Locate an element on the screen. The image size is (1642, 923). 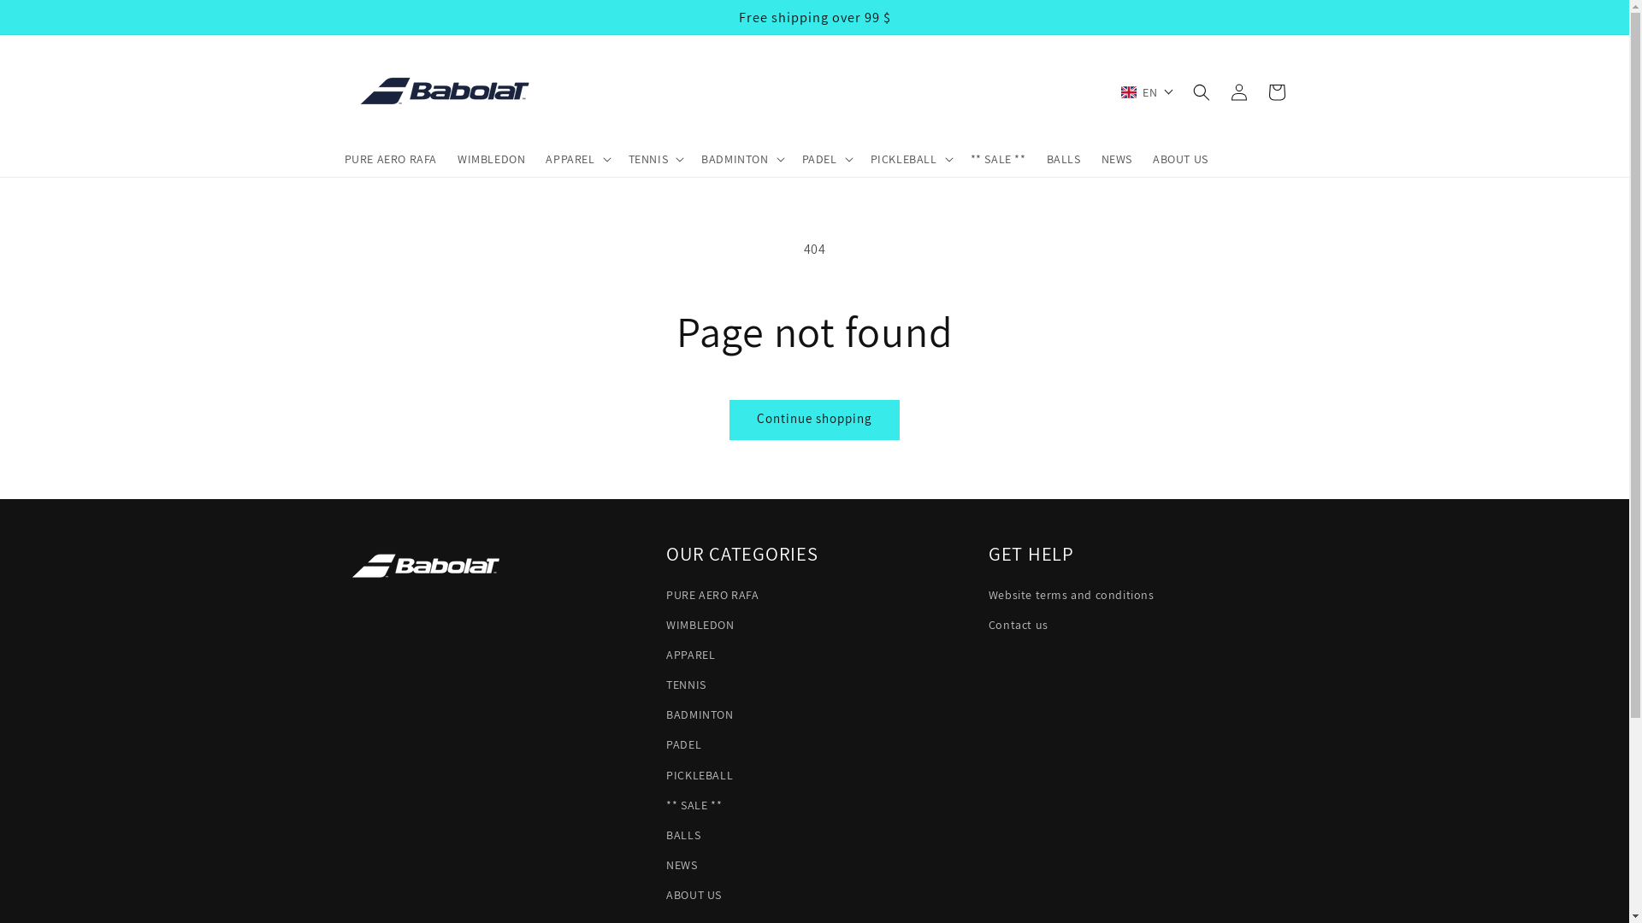
'ABOUT US' is located at coordinates (1179, 158).